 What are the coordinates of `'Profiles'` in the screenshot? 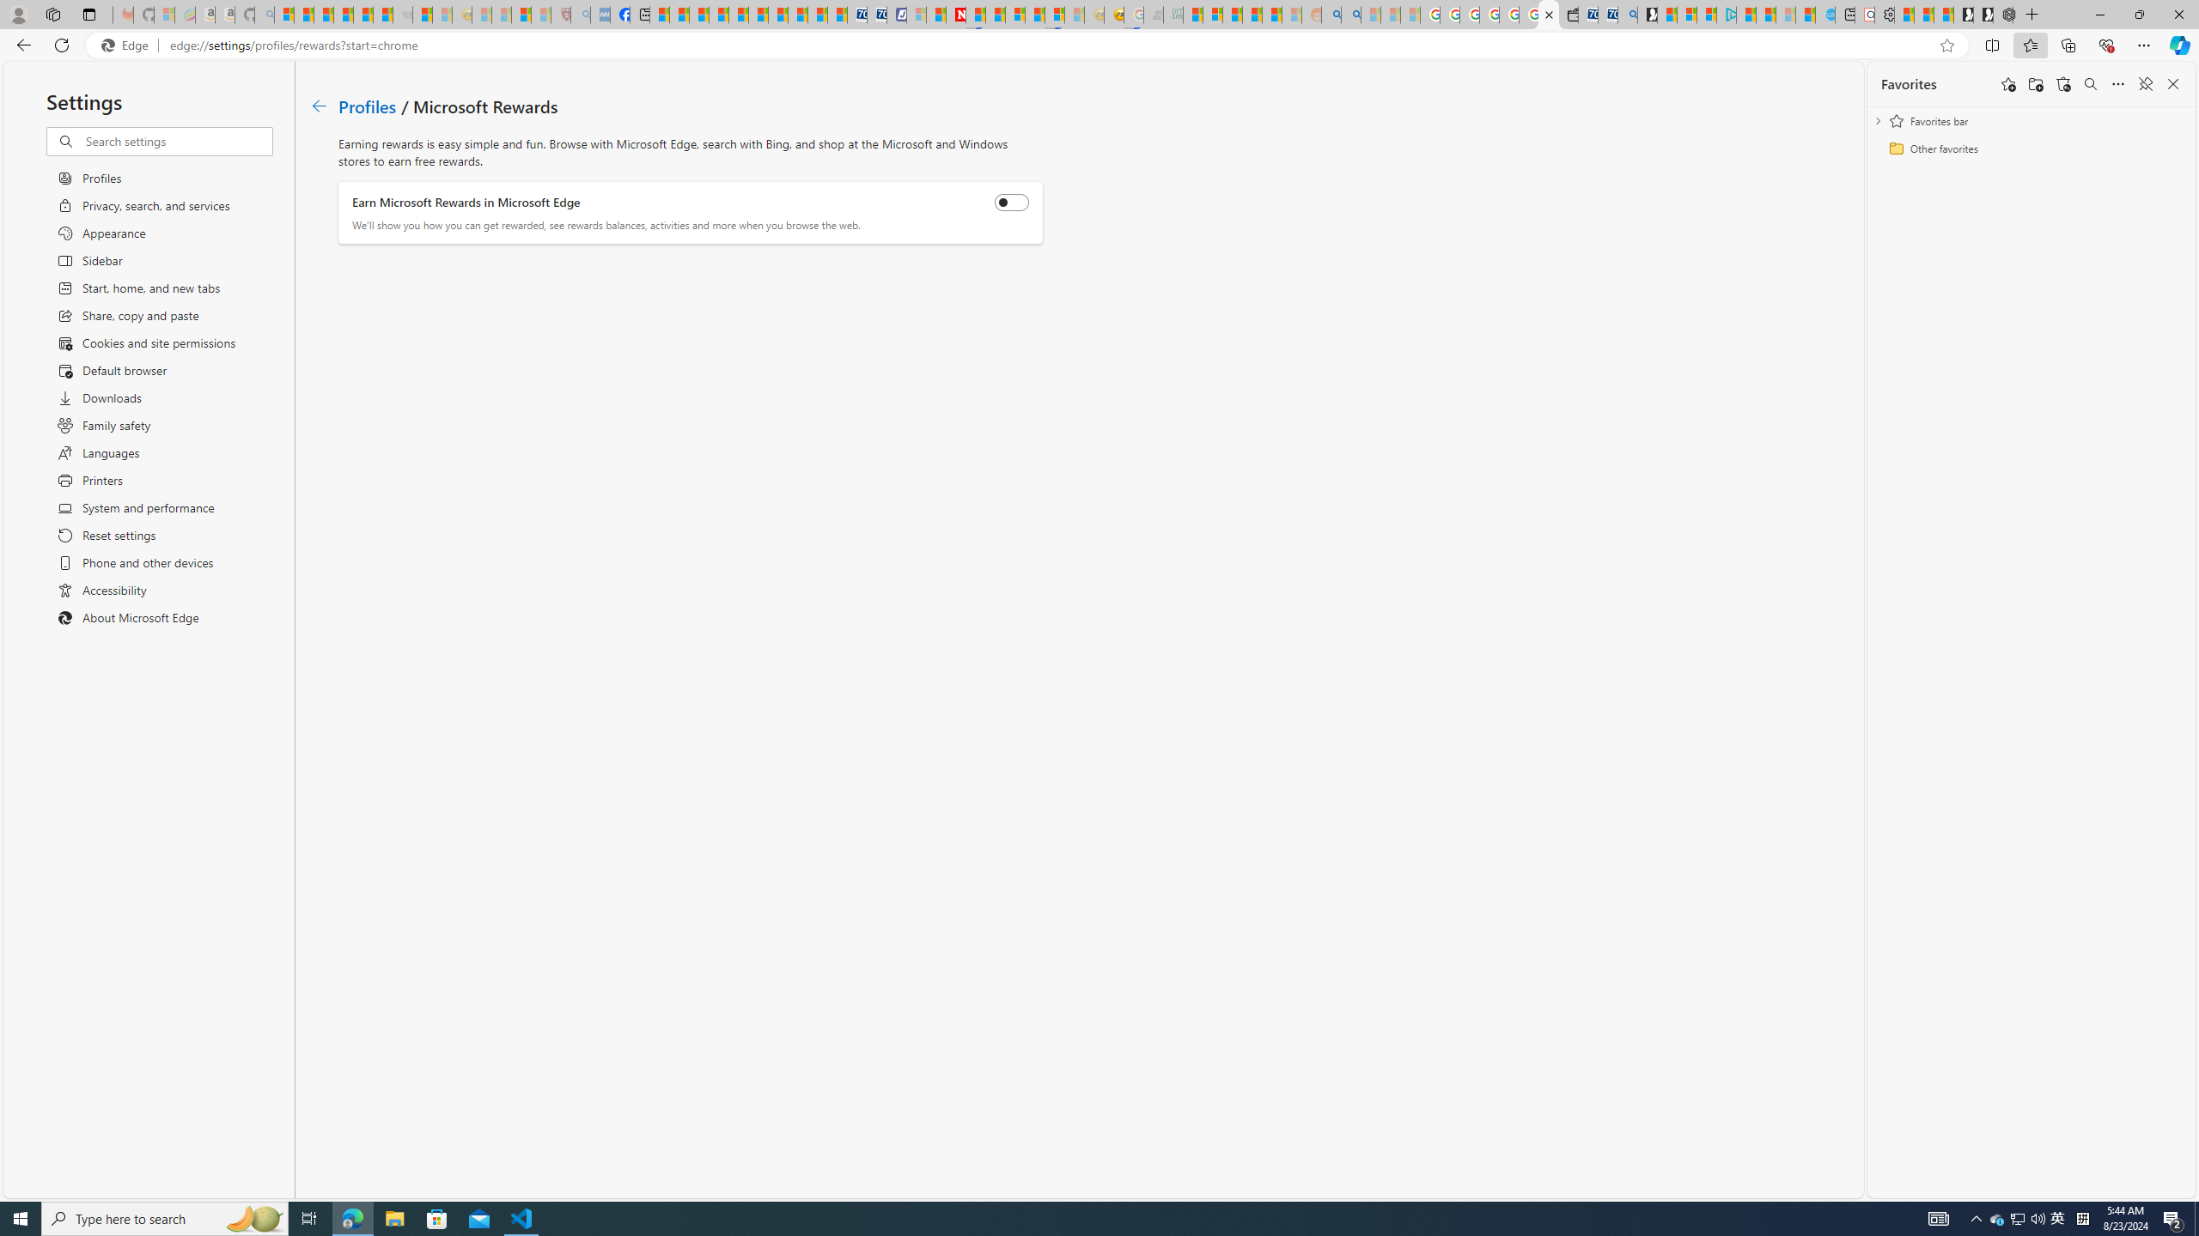 It's located at (368, 105).